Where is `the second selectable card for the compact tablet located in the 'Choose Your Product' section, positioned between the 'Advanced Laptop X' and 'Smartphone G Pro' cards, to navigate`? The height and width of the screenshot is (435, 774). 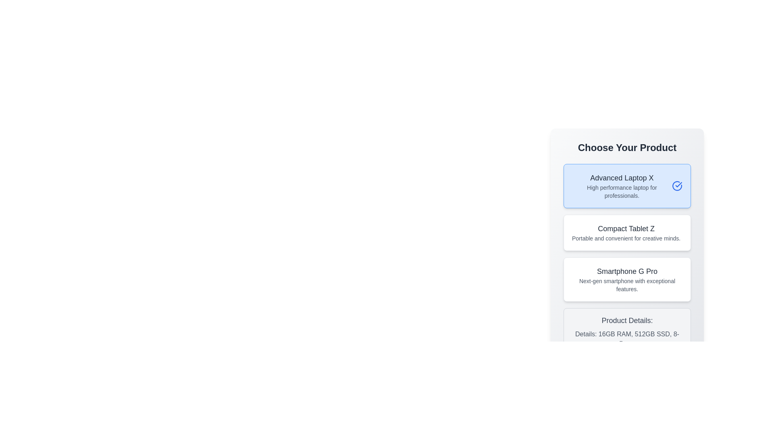
the second selectable card for the compact tablet located in the 'Choose Your Product' section, positioned between the 'Advanced Laptop X' and 'Smartphone G Pro' cards, to navigate is located at coordinates (626, 233).